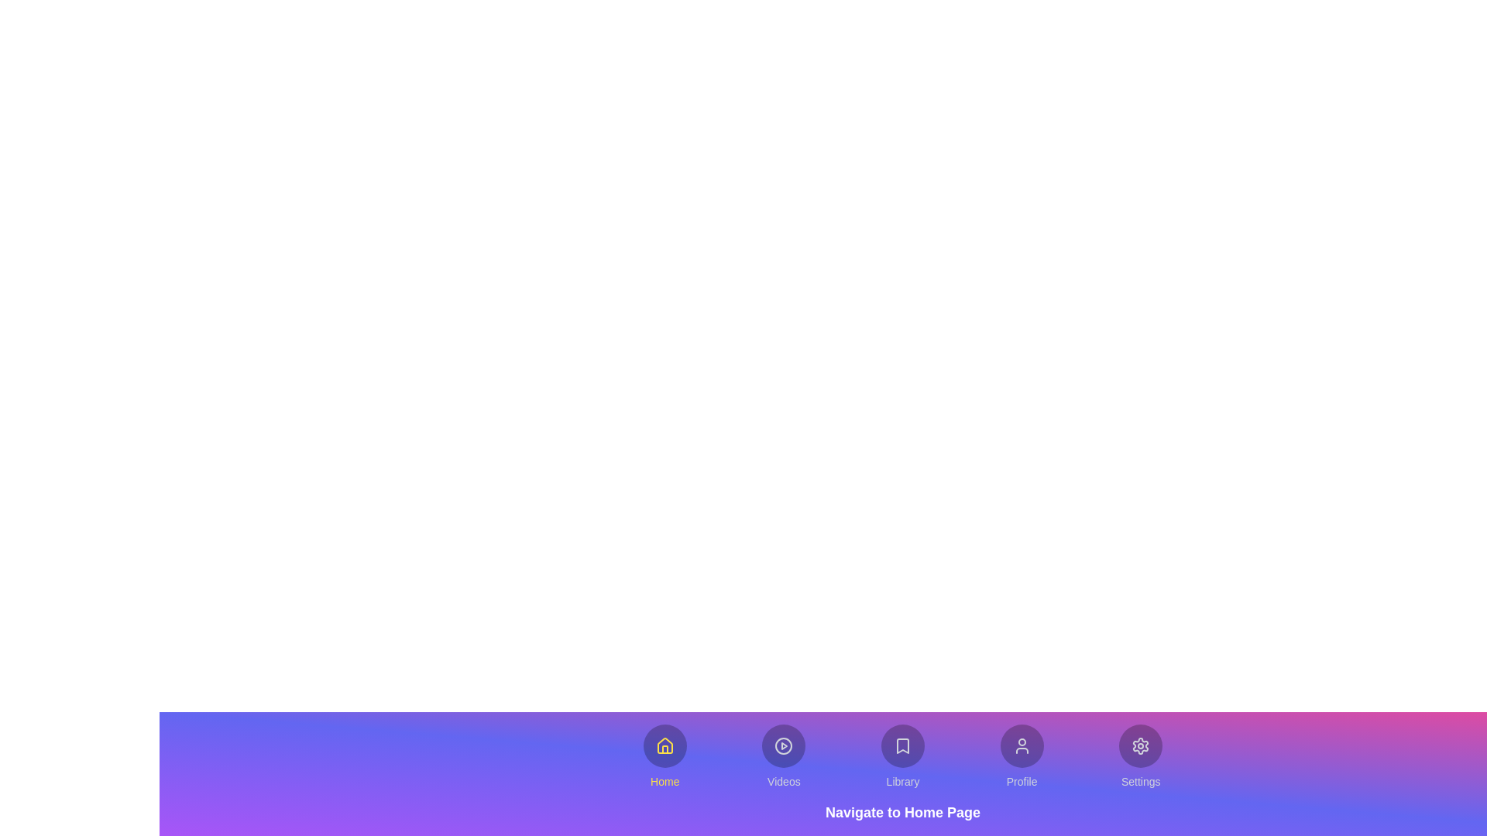 The height and width of the screenshot is (836, 1487). Describe the element at coordinates (1141, 756) in the screenshot. I see `the Settings tab to activate it` at that location.